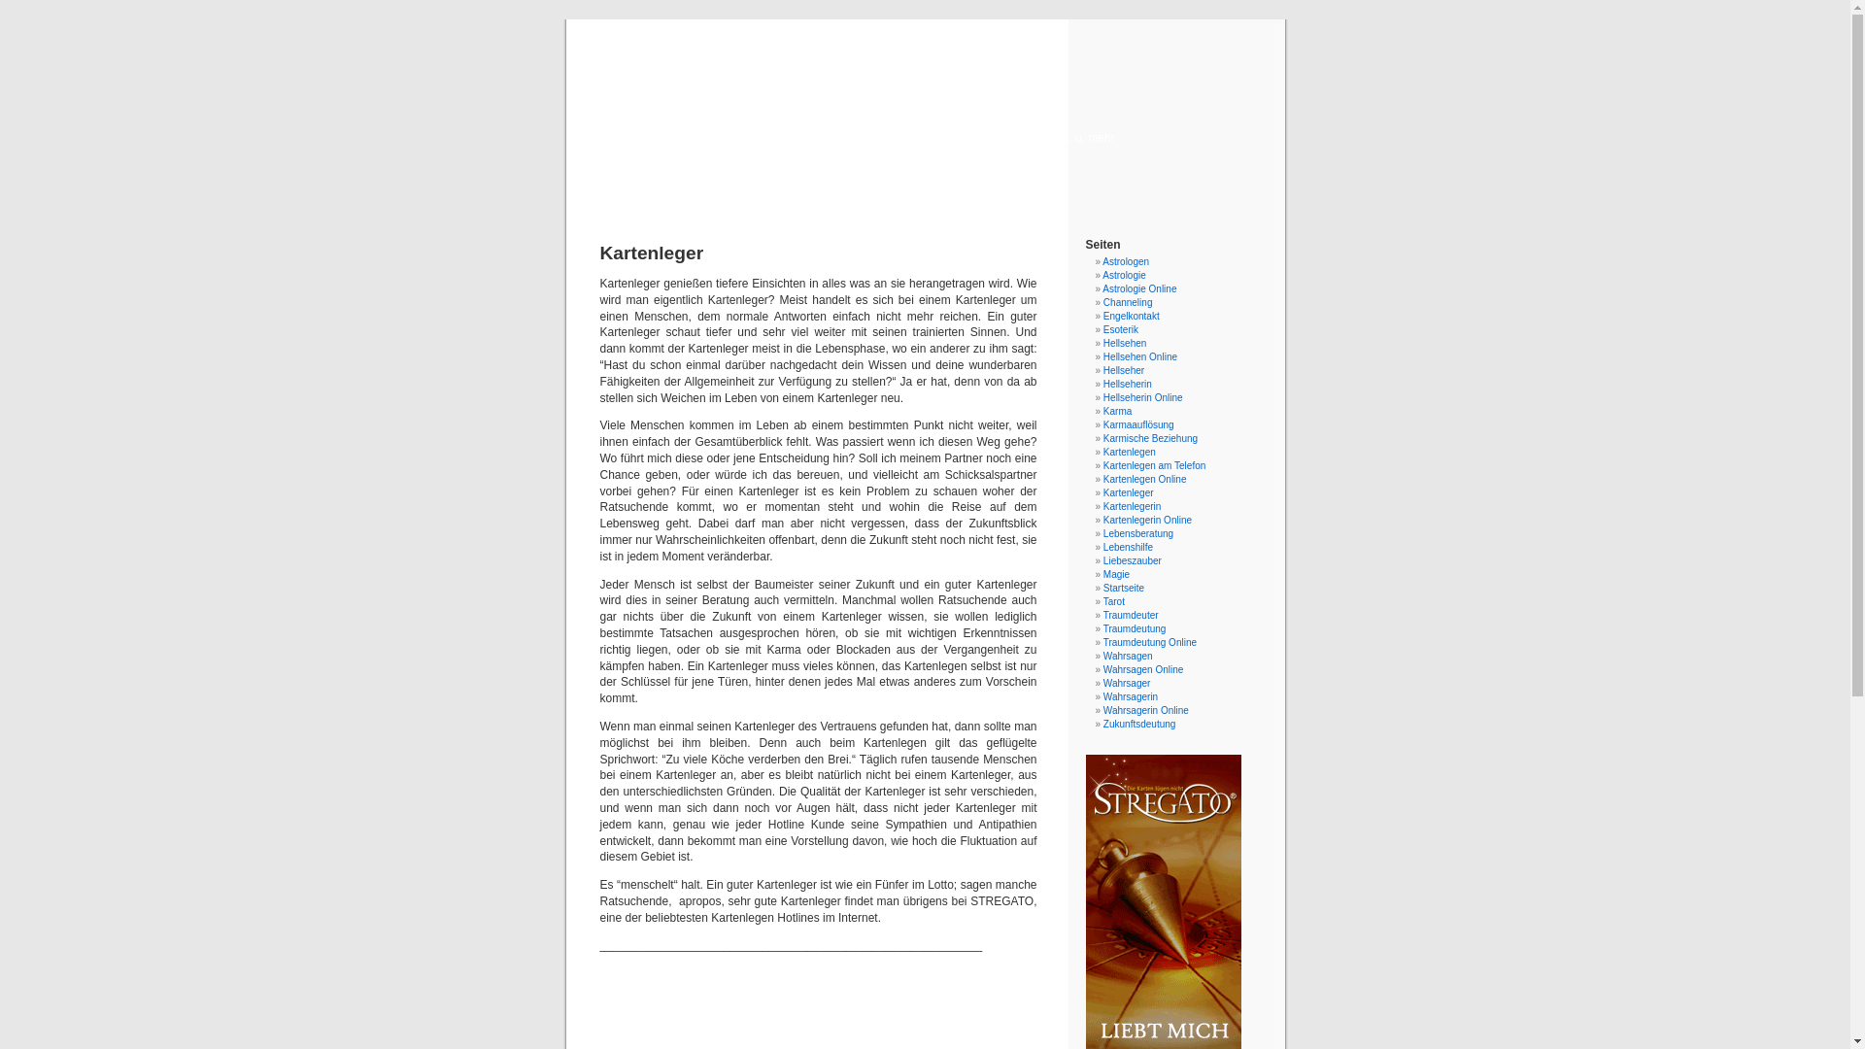 This screenshot has height=1049, width=1865. Describe the element at coordinates (1133, 560) in the screenshot. I see `'Liebeszauber'` at that location.